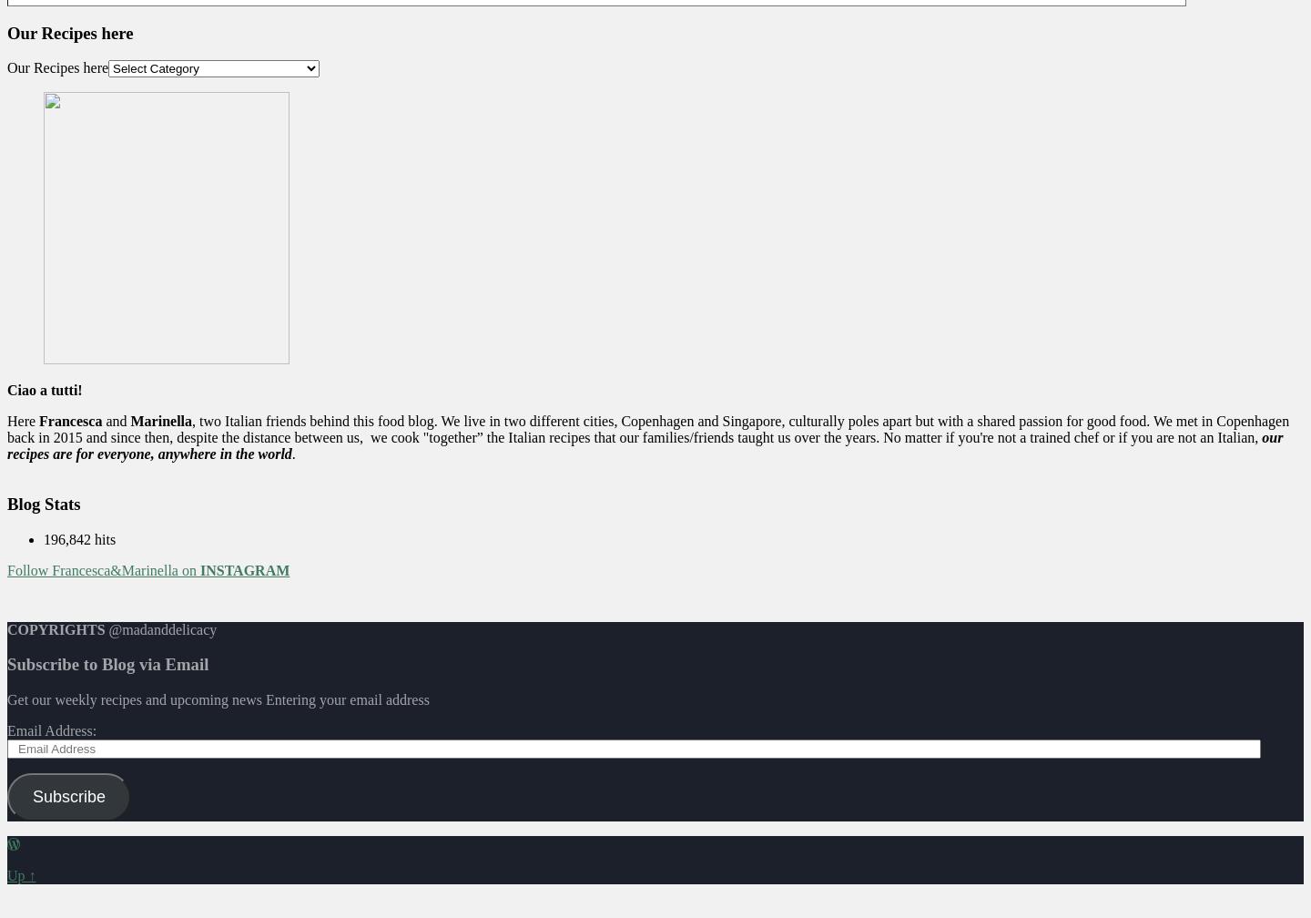 This screenshot has width=1311, height=918. I want to click on 'Subscribe', so click(68, 797).